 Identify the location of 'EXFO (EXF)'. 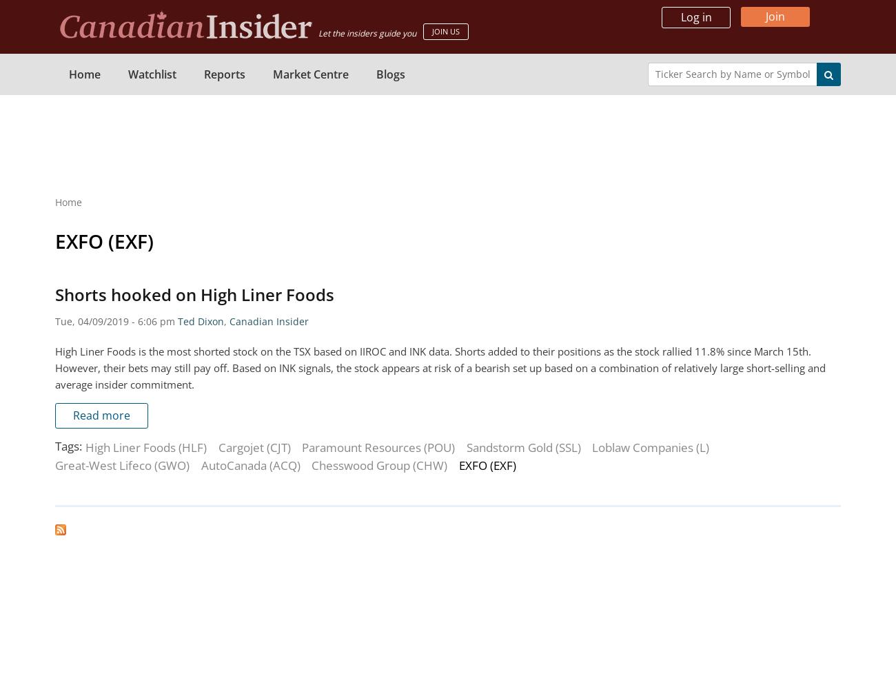
(103, 240).